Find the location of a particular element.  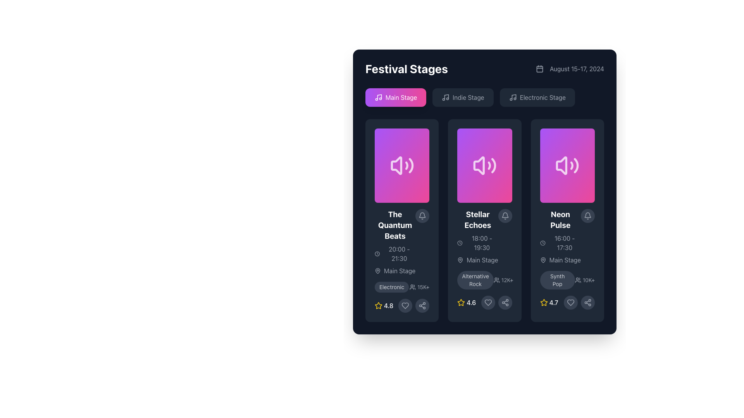

the star-shaped icon with a yellow outline located at the bottom-right corner of the third event card, adjacent to numeric ratings is located at coordinates (379, 305).